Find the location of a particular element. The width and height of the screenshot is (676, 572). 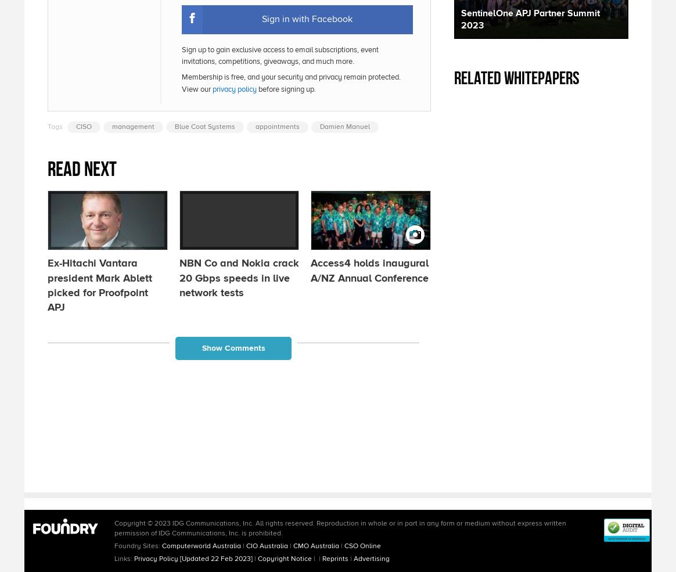

'Computerworld Australia' is located at coordinates (200, 545).